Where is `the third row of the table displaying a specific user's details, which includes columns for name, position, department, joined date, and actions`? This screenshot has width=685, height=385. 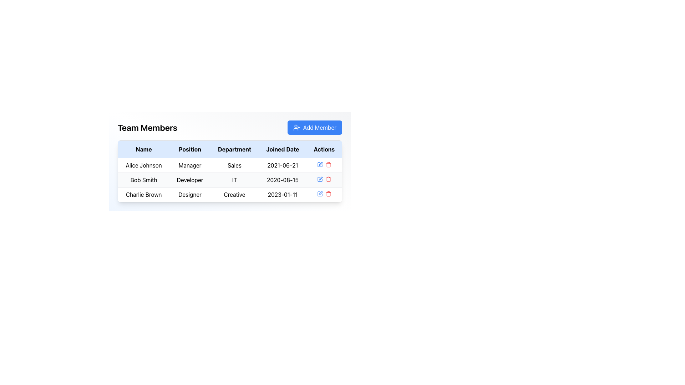
the third row of the table displaying a specific user's details, which includes columns for name, position, department, joined date, and actions is located at coordinates (230, 195).